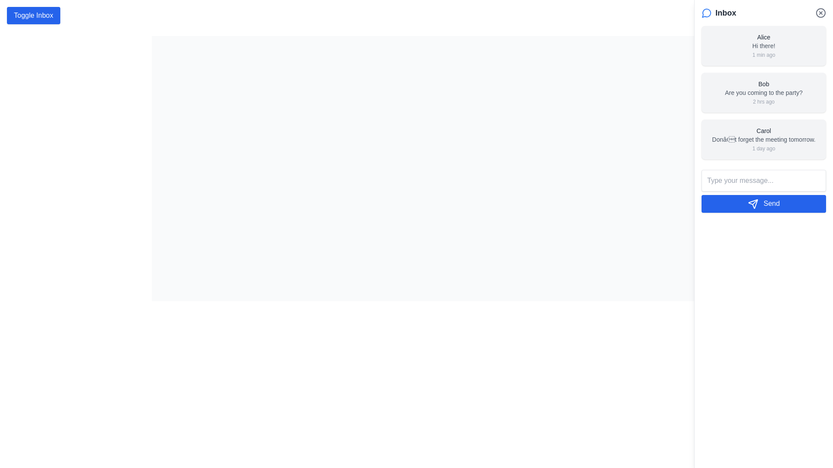 Image resolution: width=833 pixels, height=468 pixels. I want to click on the inbox icon located at the top-right section of the interface, just before the text 'Inbox', so click(706, 13).